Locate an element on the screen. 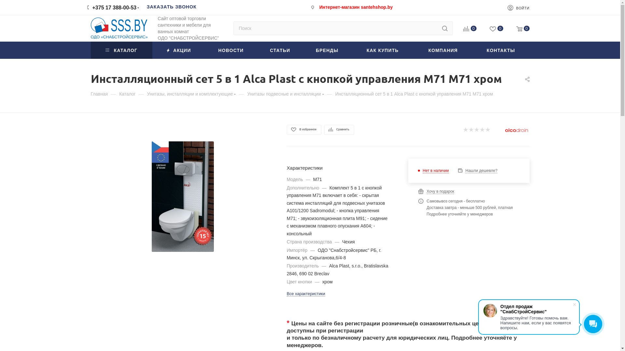 The width and height of the screenshot is (625, 351). '0' is located at coordinates (469, 29).